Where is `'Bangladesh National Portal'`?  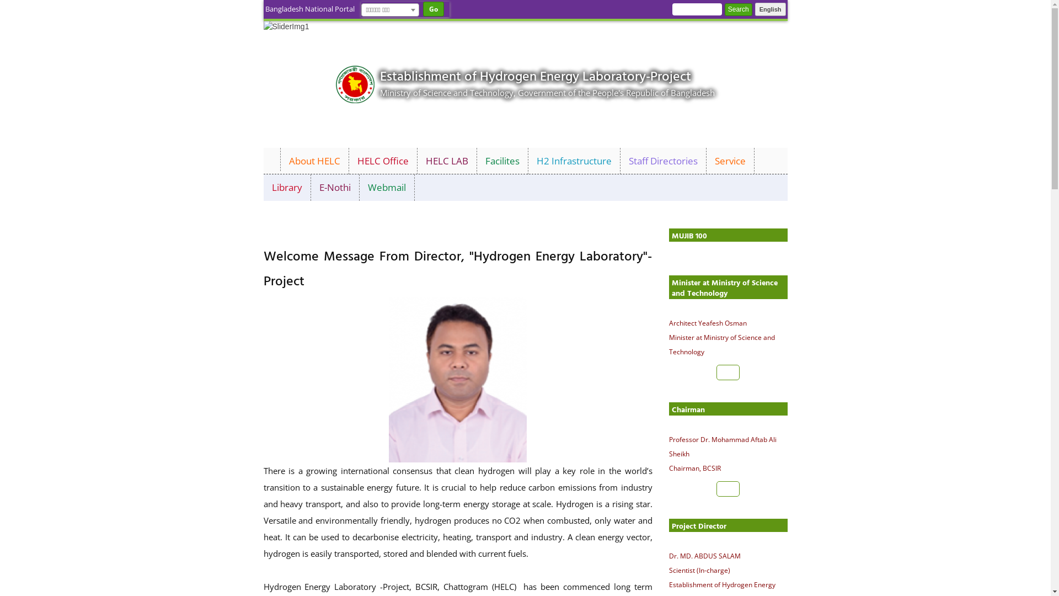 'Bangladesh National Portal' is located at coordinates (309, 9).